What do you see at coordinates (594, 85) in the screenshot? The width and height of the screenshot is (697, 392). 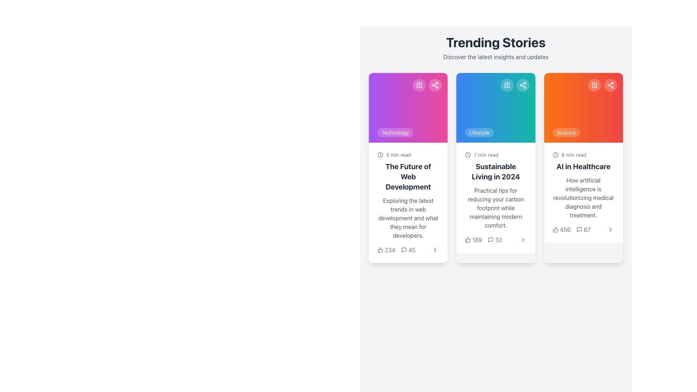 I see `the bookmark icon in the white circular button located at the top-right corner of the 'Science' card in the 'Trending Stories' section to bookmark the item` at bounding box center [594, 85].